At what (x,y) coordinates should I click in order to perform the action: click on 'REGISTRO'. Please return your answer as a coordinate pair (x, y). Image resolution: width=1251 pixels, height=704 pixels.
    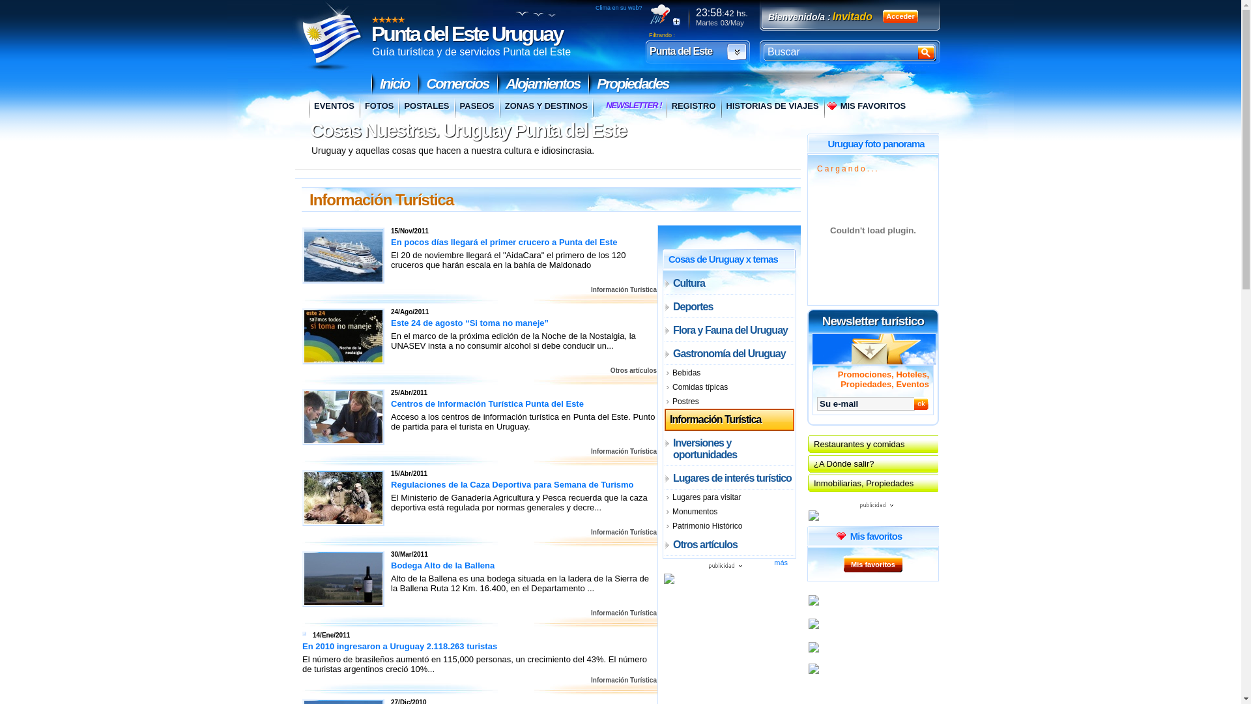
    Looking at the image, I should click on (693, 107).